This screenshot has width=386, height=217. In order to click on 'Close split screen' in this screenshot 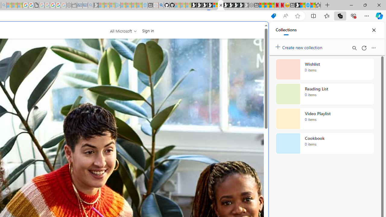, I will do `click(255, 31)`.